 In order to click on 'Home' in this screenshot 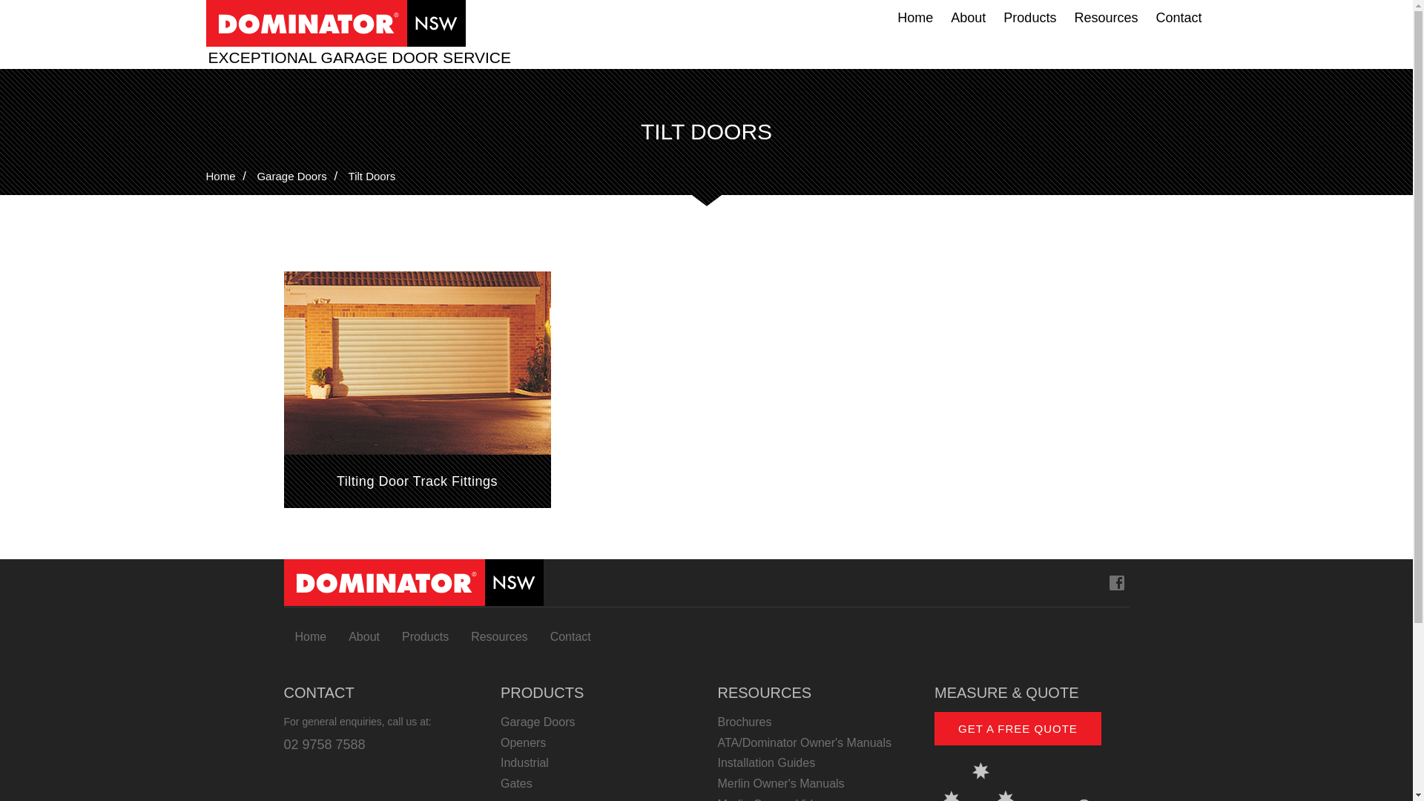, I will do `click(914, 17)`.